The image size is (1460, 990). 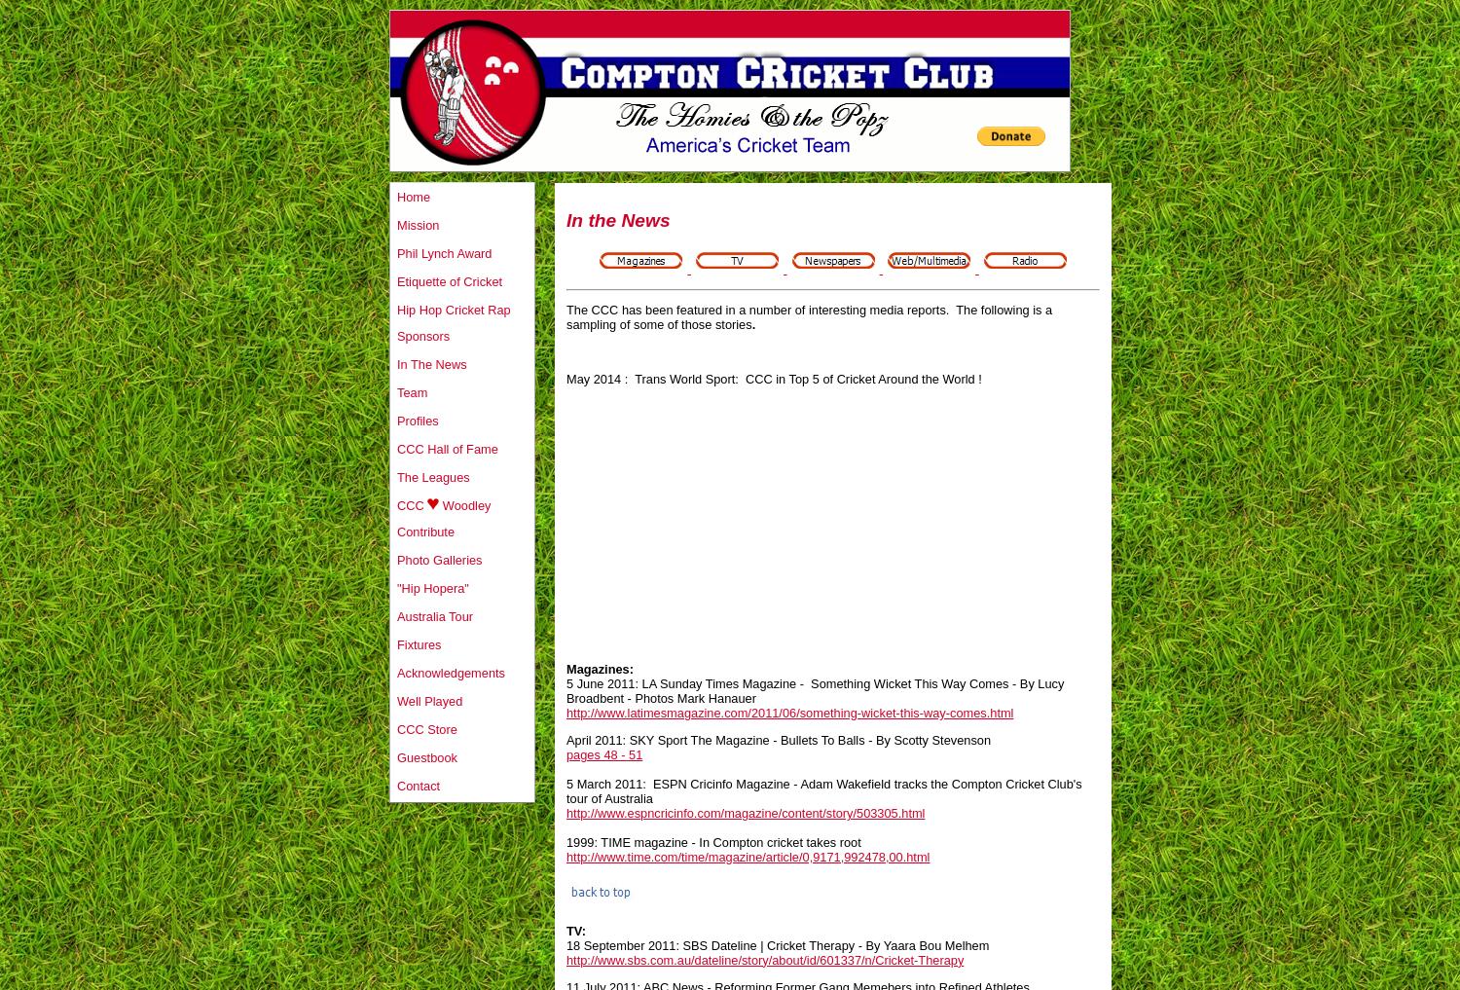 What do you see at coordinates (617, 219) in the screenshot?
I see `'In the News'` at bounding box center [617, 219].